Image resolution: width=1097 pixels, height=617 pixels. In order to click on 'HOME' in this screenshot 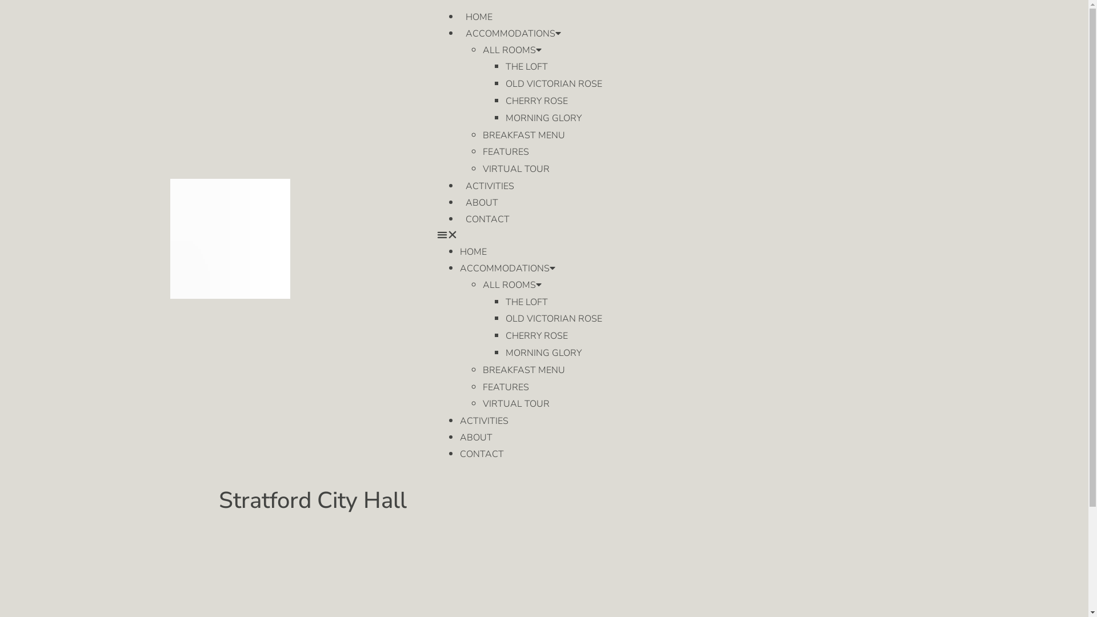, I will do `click(473, 251)`.